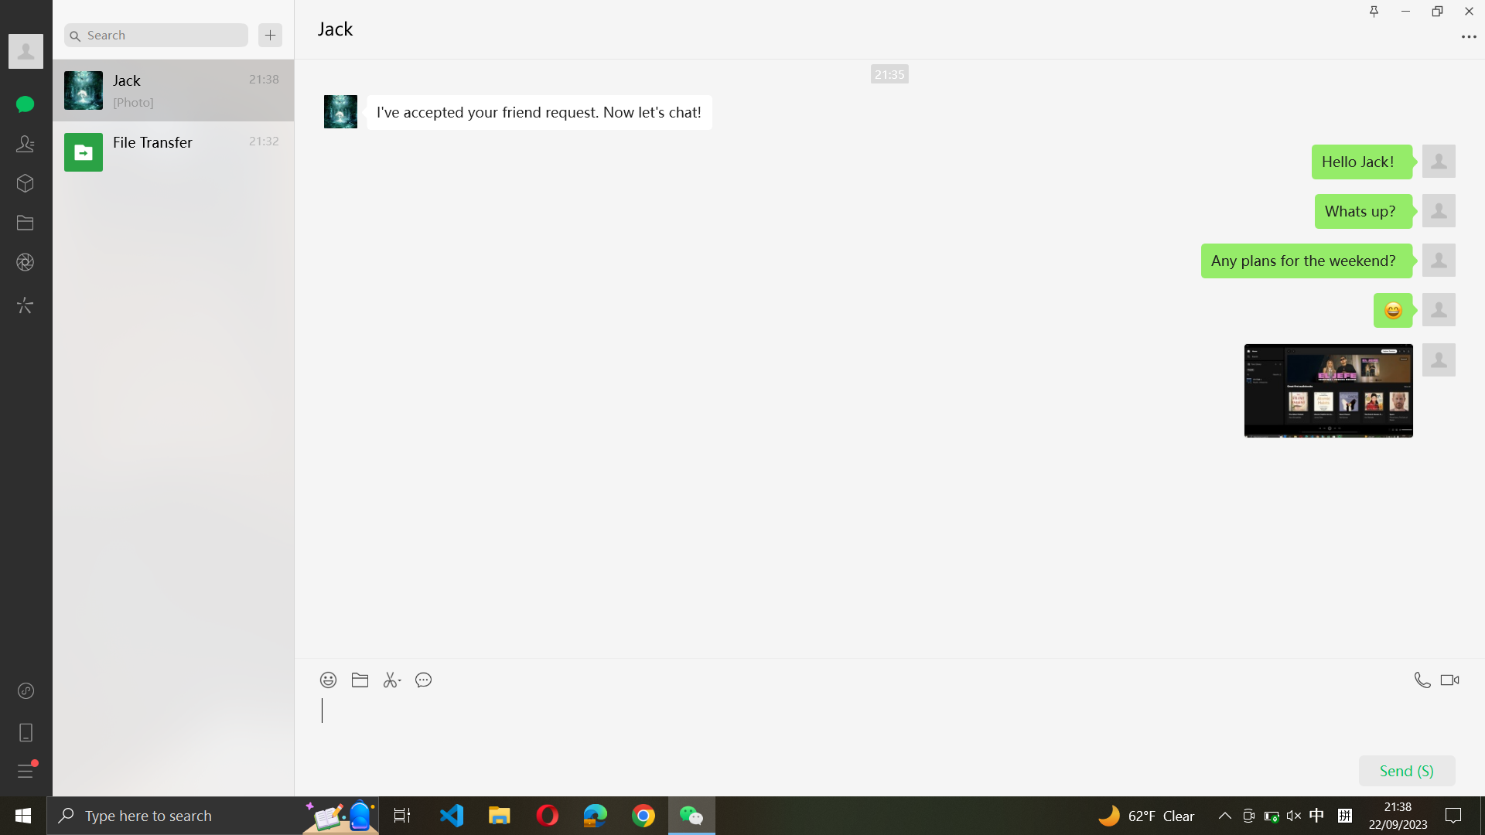  Describe the element at coordinates (889, 360) in the screenshot. I see `Go up in the dialog box of your chat with Jack` at that location.